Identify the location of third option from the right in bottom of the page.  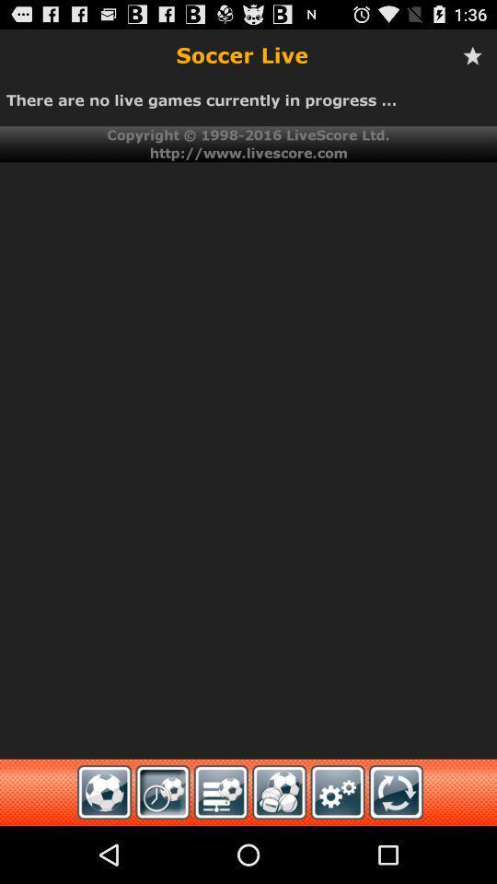
(221, 791).